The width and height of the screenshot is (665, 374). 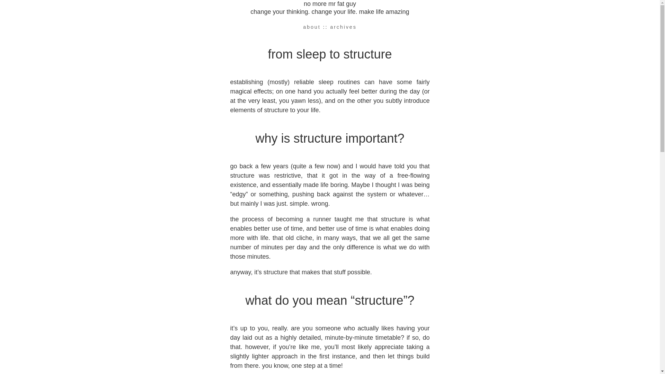 What do you see at coordinates (303, 26) in the screenshot?
I see `'about'` at bounding box center [303, 26].